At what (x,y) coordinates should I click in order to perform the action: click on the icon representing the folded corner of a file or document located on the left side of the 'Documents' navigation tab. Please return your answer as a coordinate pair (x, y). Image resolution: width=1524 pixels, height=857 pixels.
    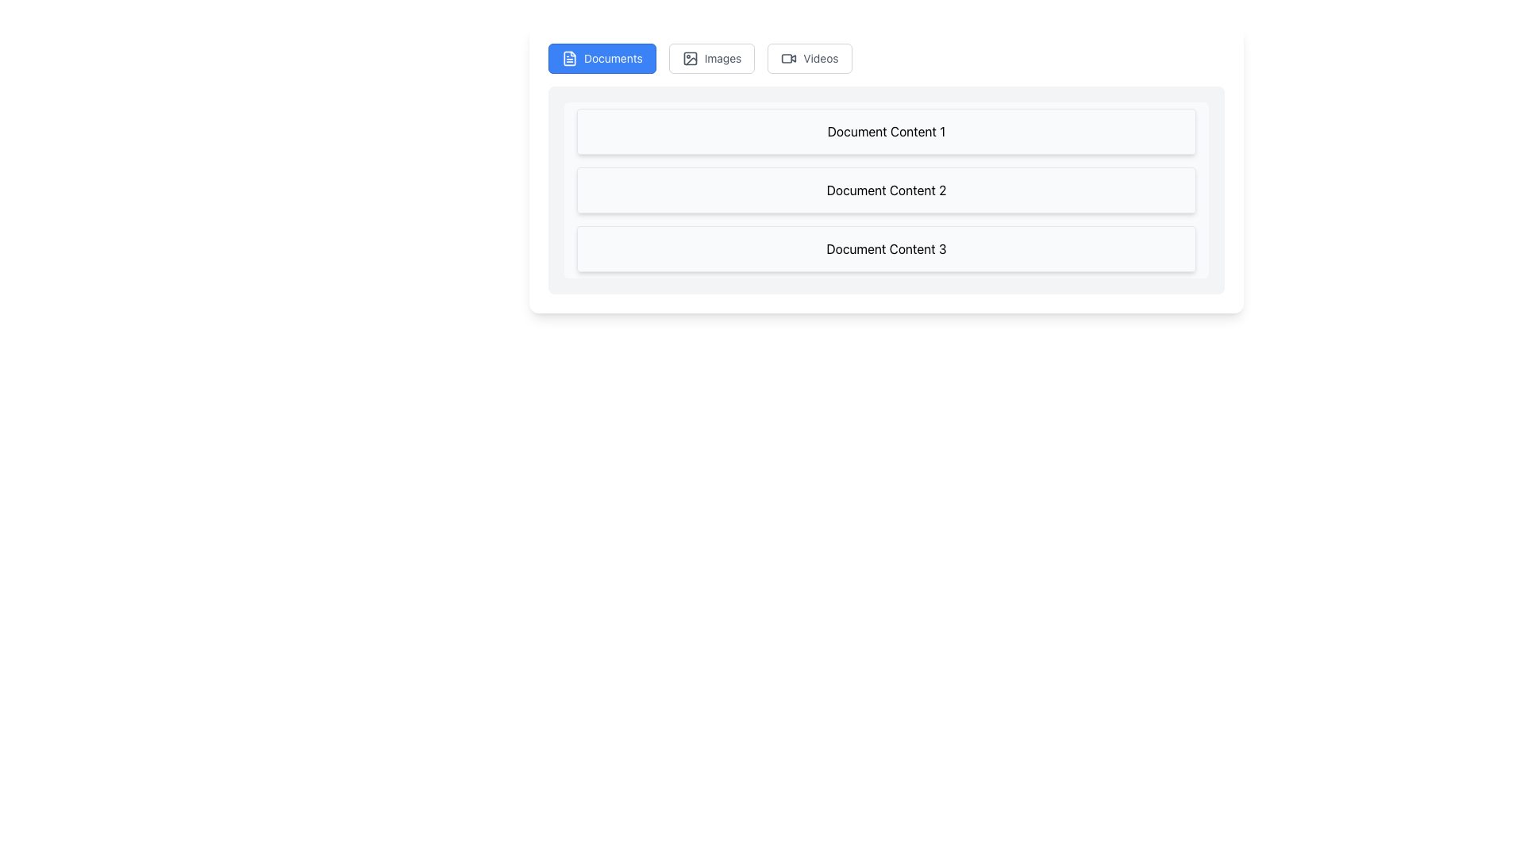
    Looking at the image, I should click on (570, 57).